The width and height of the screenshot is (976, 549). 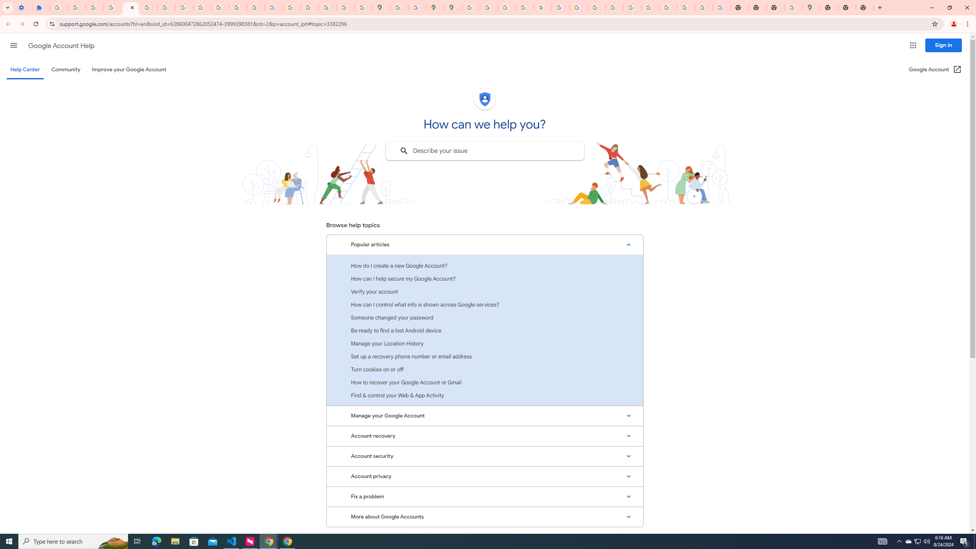 What do you see at coordinates (485, 435) in the screenshot?
I see `'Account recovery'` at bounding box center [485, 435].